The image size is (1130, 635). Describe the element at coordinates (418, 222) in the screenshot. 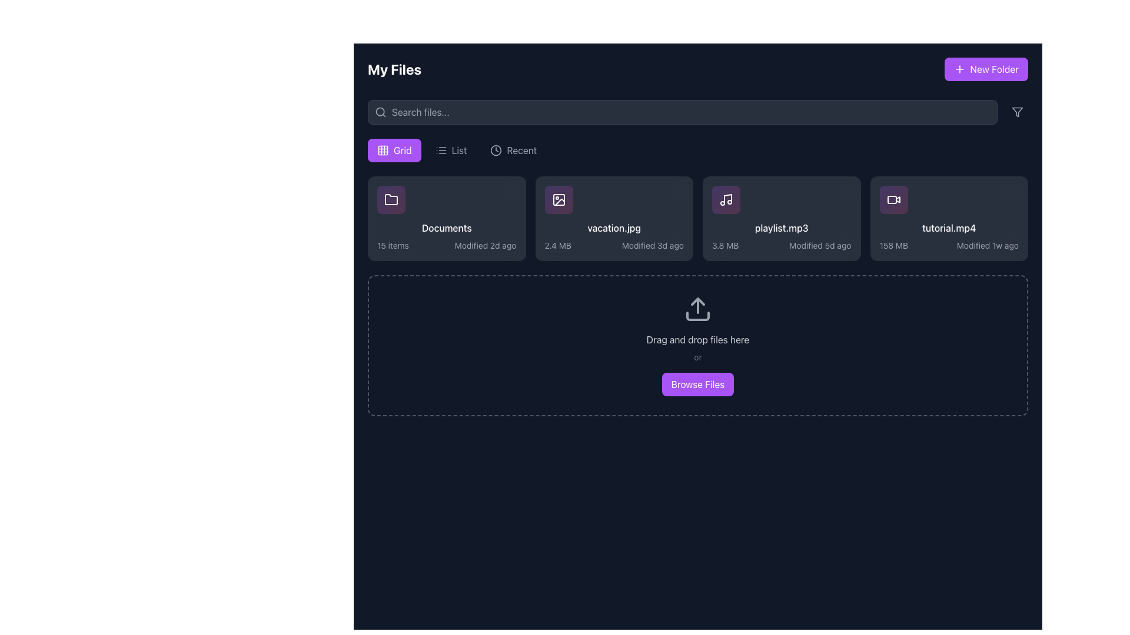

I see `the curved line of the download icon located in the top-left quadrant of the interface for additional information` at that location.